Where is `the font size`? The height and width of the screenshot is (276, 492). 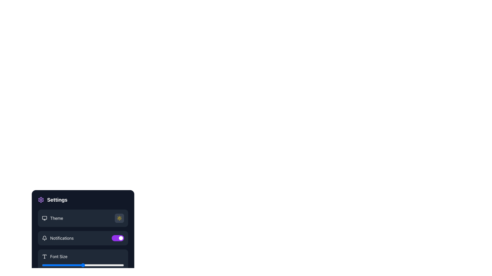
the font size is located at coordinates (55, 265).